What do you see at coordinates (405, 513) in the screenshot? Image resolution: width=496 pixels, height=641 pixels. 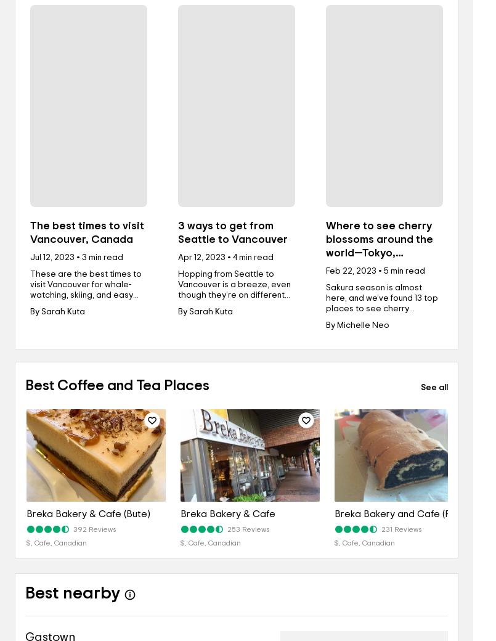 I see `'Breka Bakery and Cafe (Fraser)'` at bounding box center [405, 513].